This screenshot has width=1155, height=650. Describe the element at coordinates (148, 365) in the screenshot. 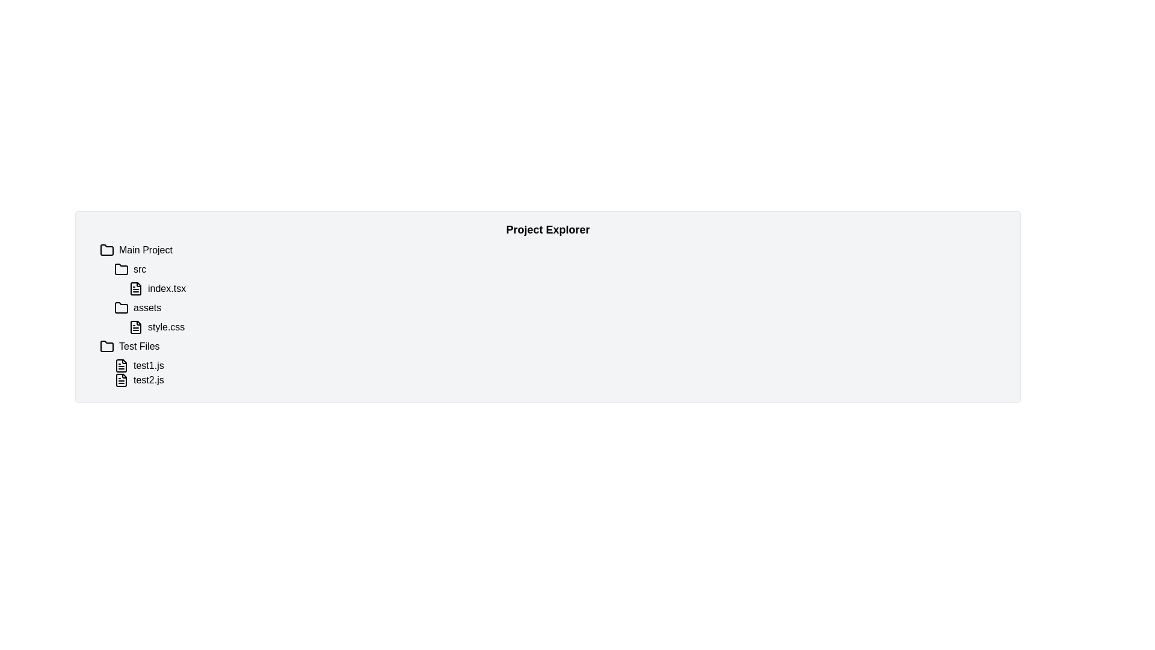

I see `the text label 'test1.js' in the file explorer interface` at that location.